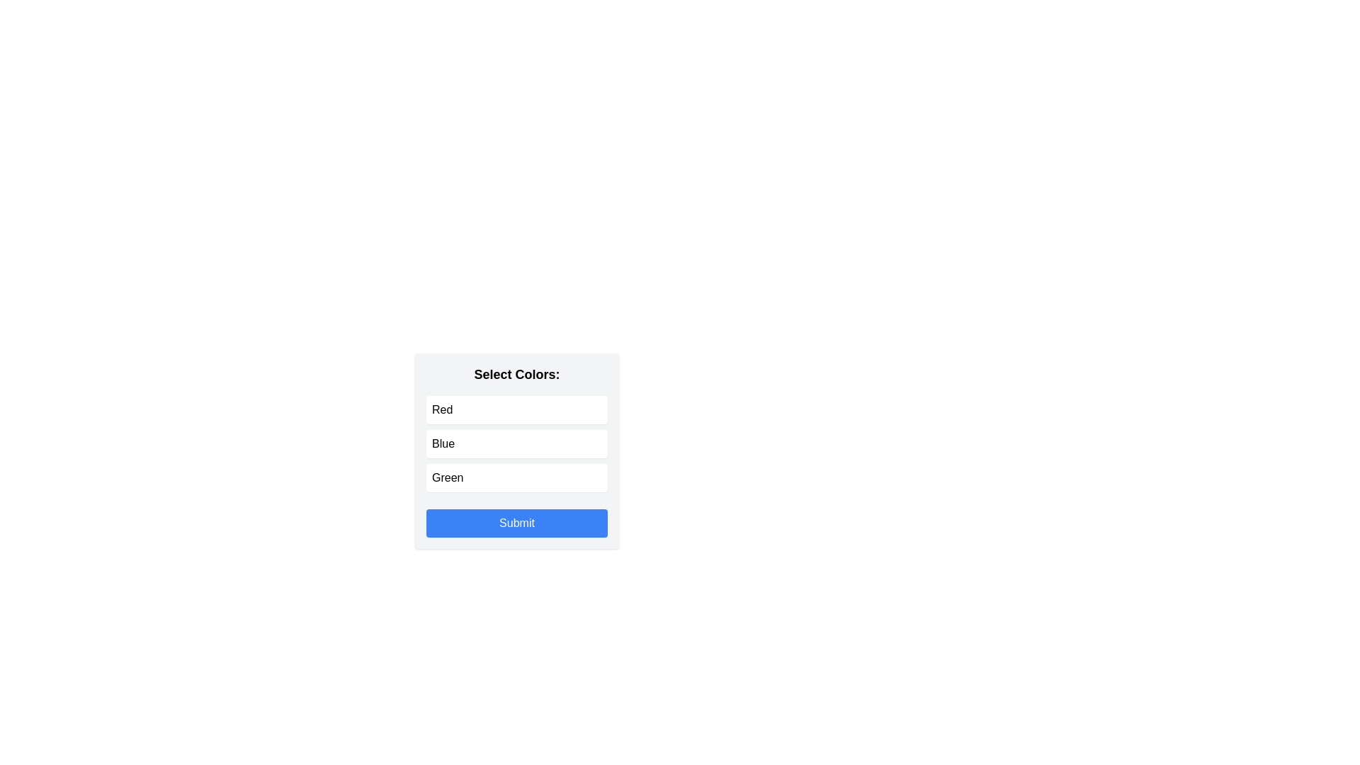 This screenshot has height=765, width=1360. Describe the element at coordinates (441, 409) in the screenshot. I see `the 'Red' label, which is the first item in a vertically listed group under the header 'Select Colors:' in a card-style layout, providing visual information for descriptive purposes` at that location.